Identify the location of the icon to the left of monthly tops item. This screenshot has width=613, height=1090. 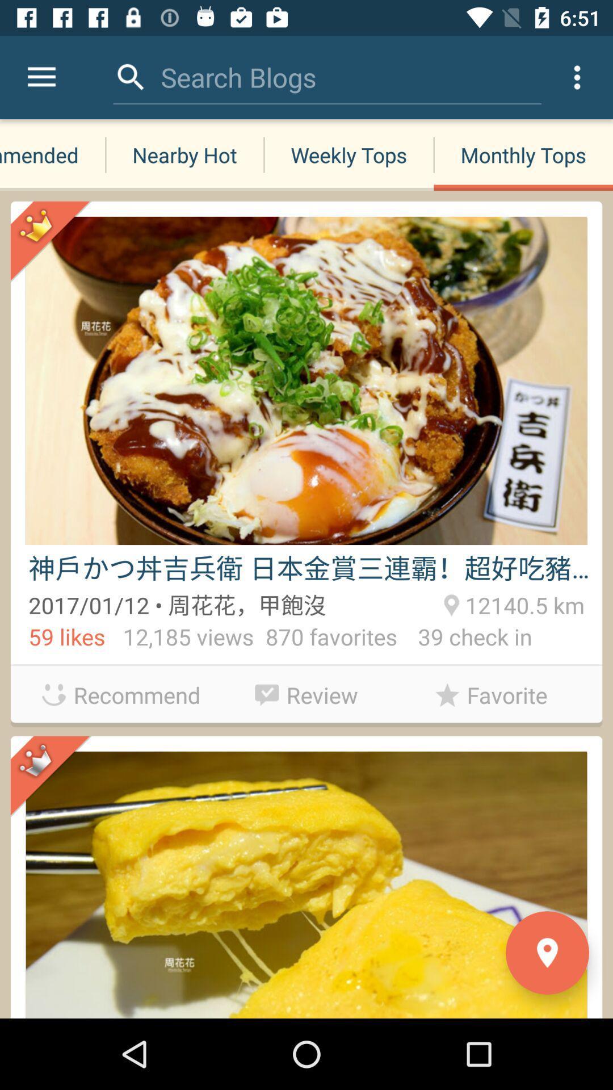
(238, 77).